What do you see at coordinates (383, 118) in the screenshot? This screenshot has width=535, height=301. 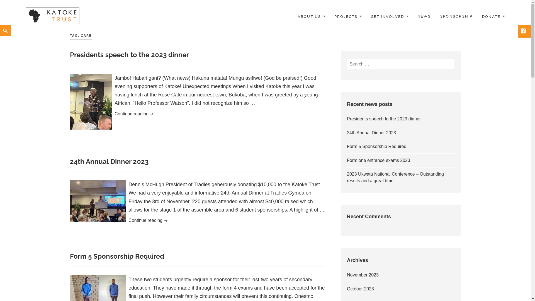 I see `'Presidents speech to the 2023 dinner'` at bounding box center [383, 118].